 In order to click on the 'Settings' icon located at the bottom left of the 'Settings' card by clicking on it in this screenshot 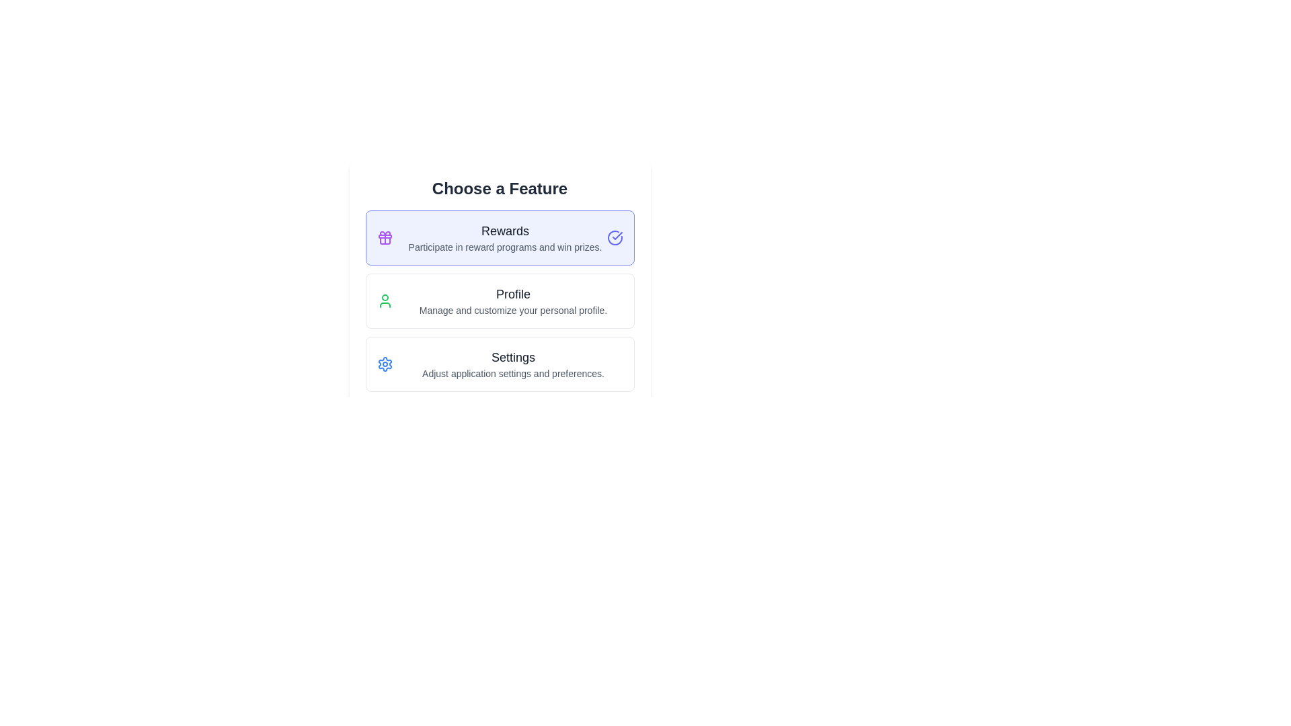, I will do `click(384, 364)`.